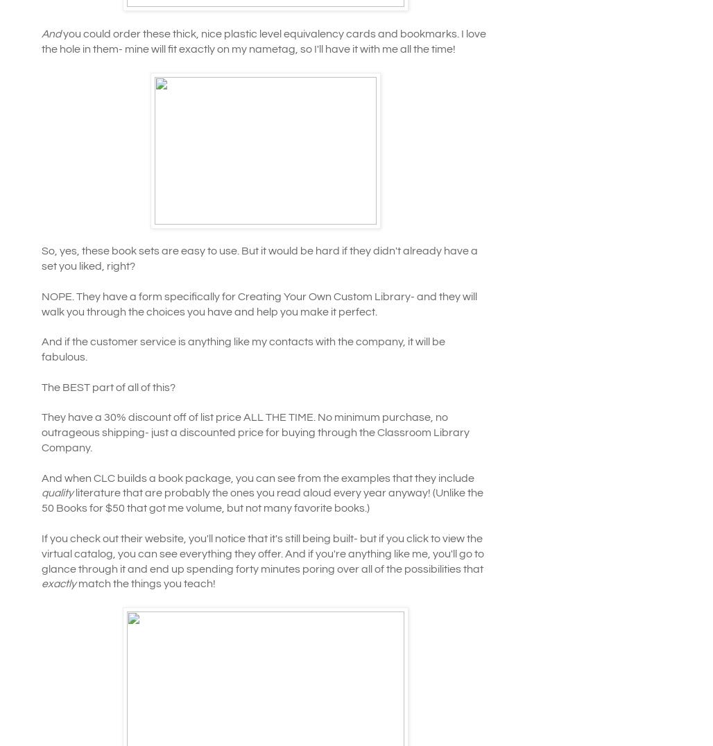  I want to click on 'They have a 30% discount off of list price ALL THE TIME. No minimum purchase, no outrageous shipping- just a discounted price for buying through the Classroom Library Company.', so click(255, 432).